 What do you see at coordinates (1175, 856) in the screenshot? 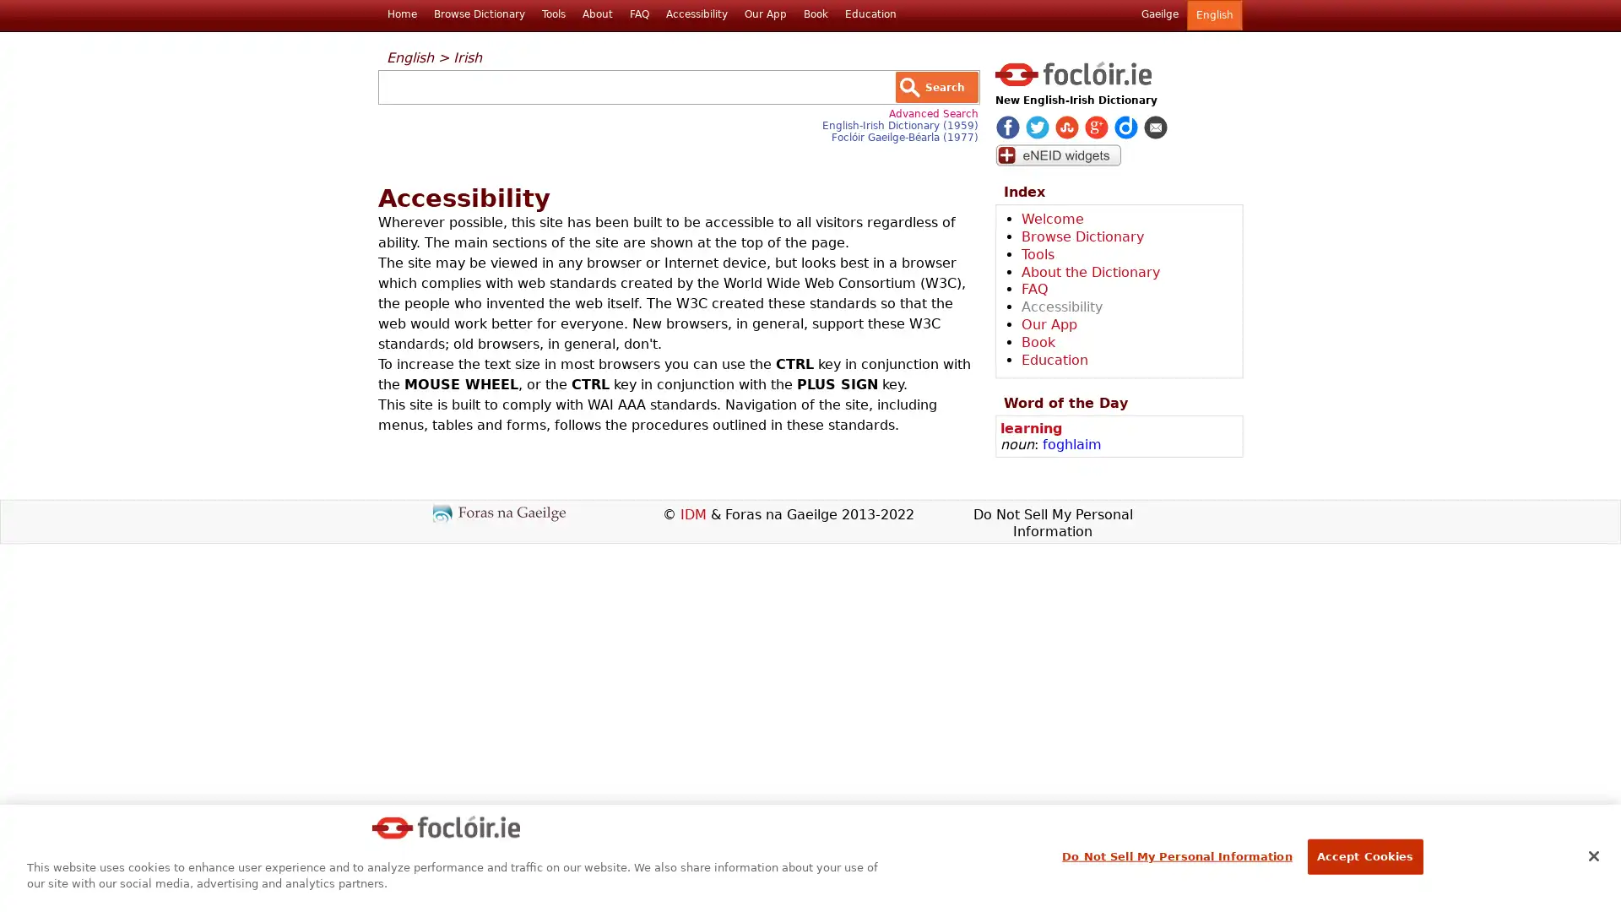
I see `Do Not Sell My Personal Information` at bounding box center [1175, 856].